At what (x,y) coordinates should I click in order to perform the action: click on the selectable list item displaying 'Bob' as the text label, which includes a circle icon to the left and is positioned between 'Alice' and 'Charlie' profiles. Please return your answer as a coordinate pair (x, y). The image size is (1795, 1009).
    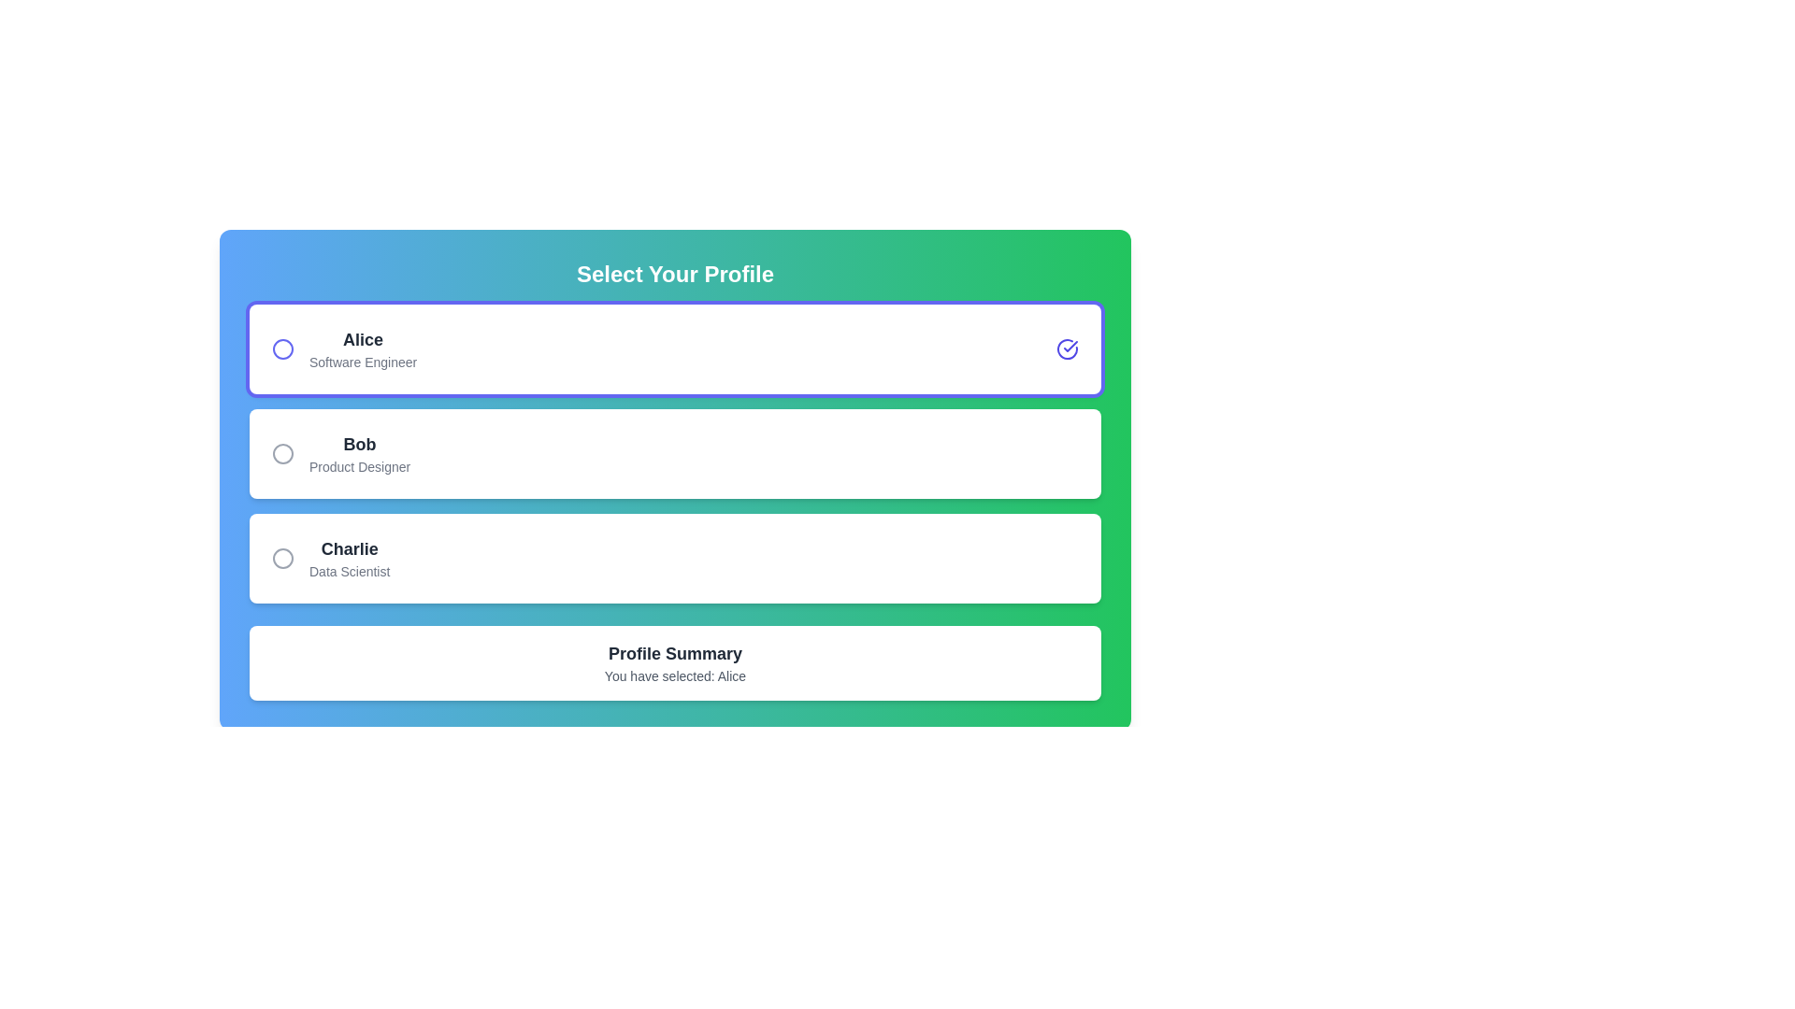
    Looking at the image, I should click on (341, 454).